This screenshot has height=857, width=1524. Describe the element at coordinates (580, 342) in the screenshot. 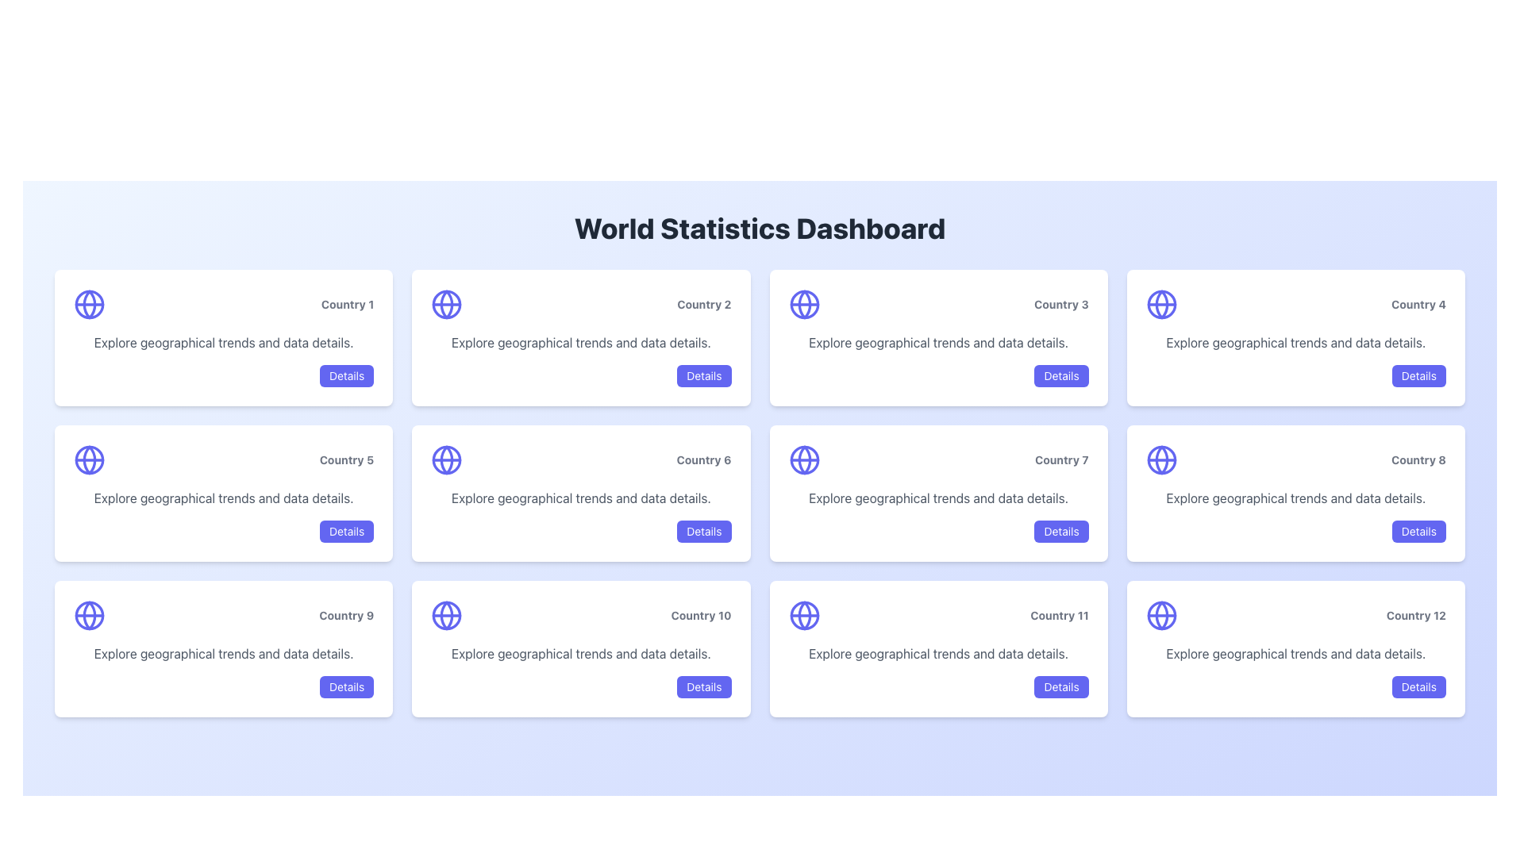

I see `descriptive text from the Text Label in the second card of the second row, which provides information about exploring trends and data details related to 'Country 2'` at that location.